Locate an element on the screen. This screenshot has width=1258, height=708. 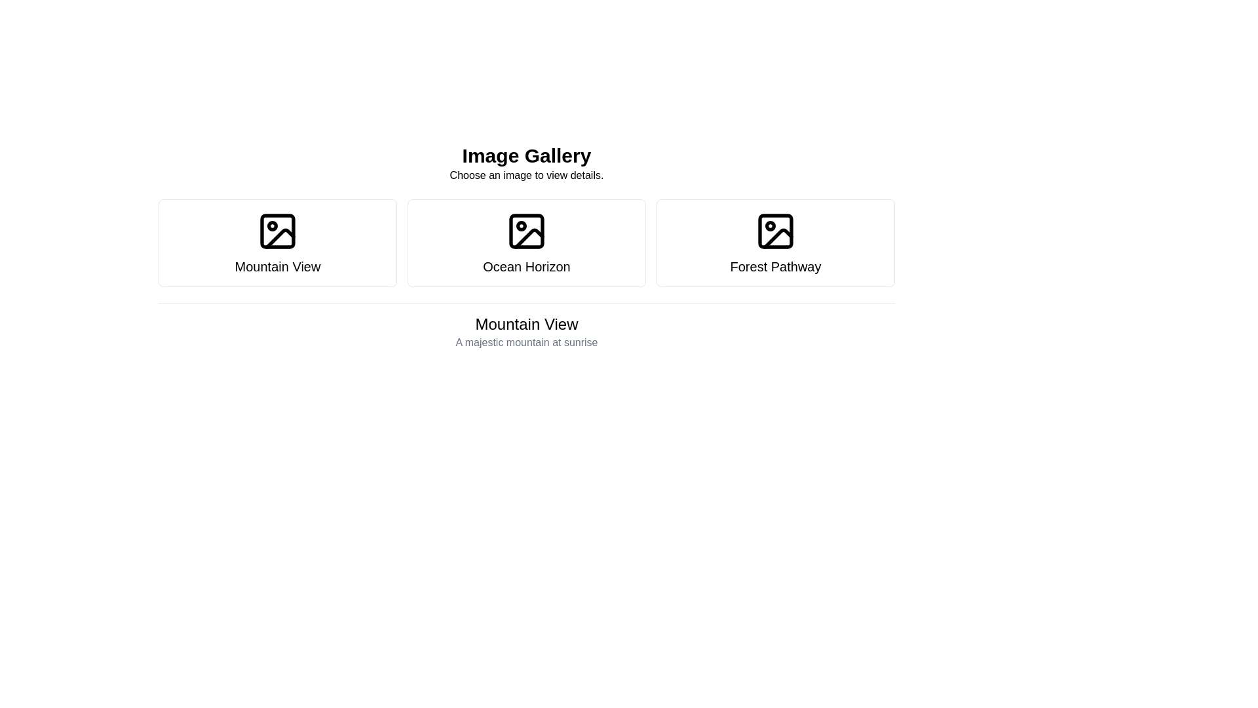
the text label displaying 'Choose an image is located at coordinates (527, 174).